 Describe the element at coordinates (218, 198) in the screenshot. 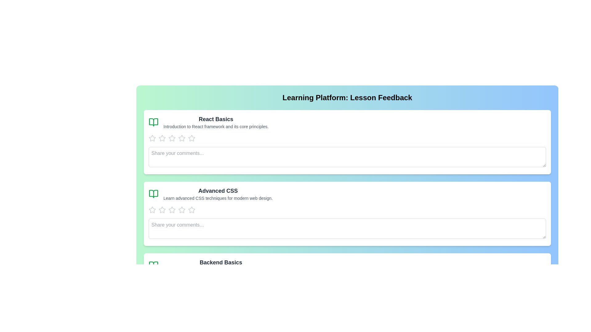

I see `the informative text that reads 'Learn advanced CSS techniques for modern web design.' which is styled with a small font size and gray color, positioned below the title 'Advanced CSS.'` at that location.